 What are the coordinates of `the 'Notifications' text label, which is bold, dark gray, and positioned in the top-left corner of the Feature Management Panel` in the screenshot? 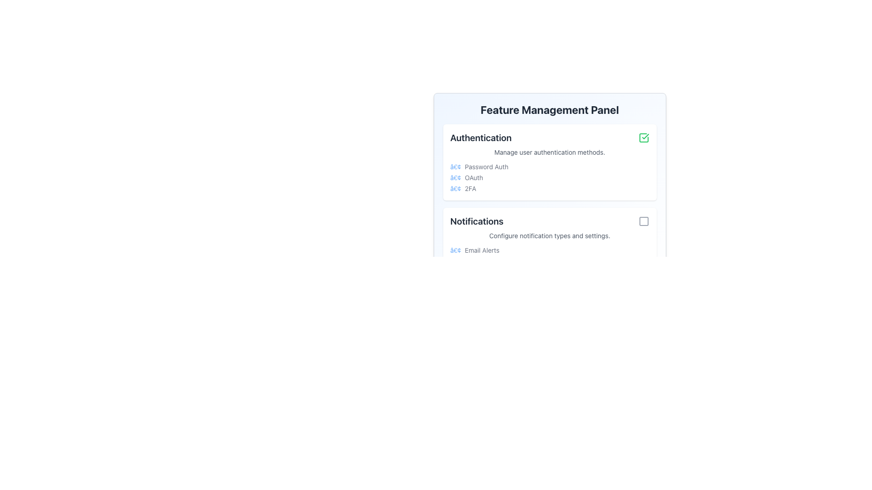 It's located at (476, 221).